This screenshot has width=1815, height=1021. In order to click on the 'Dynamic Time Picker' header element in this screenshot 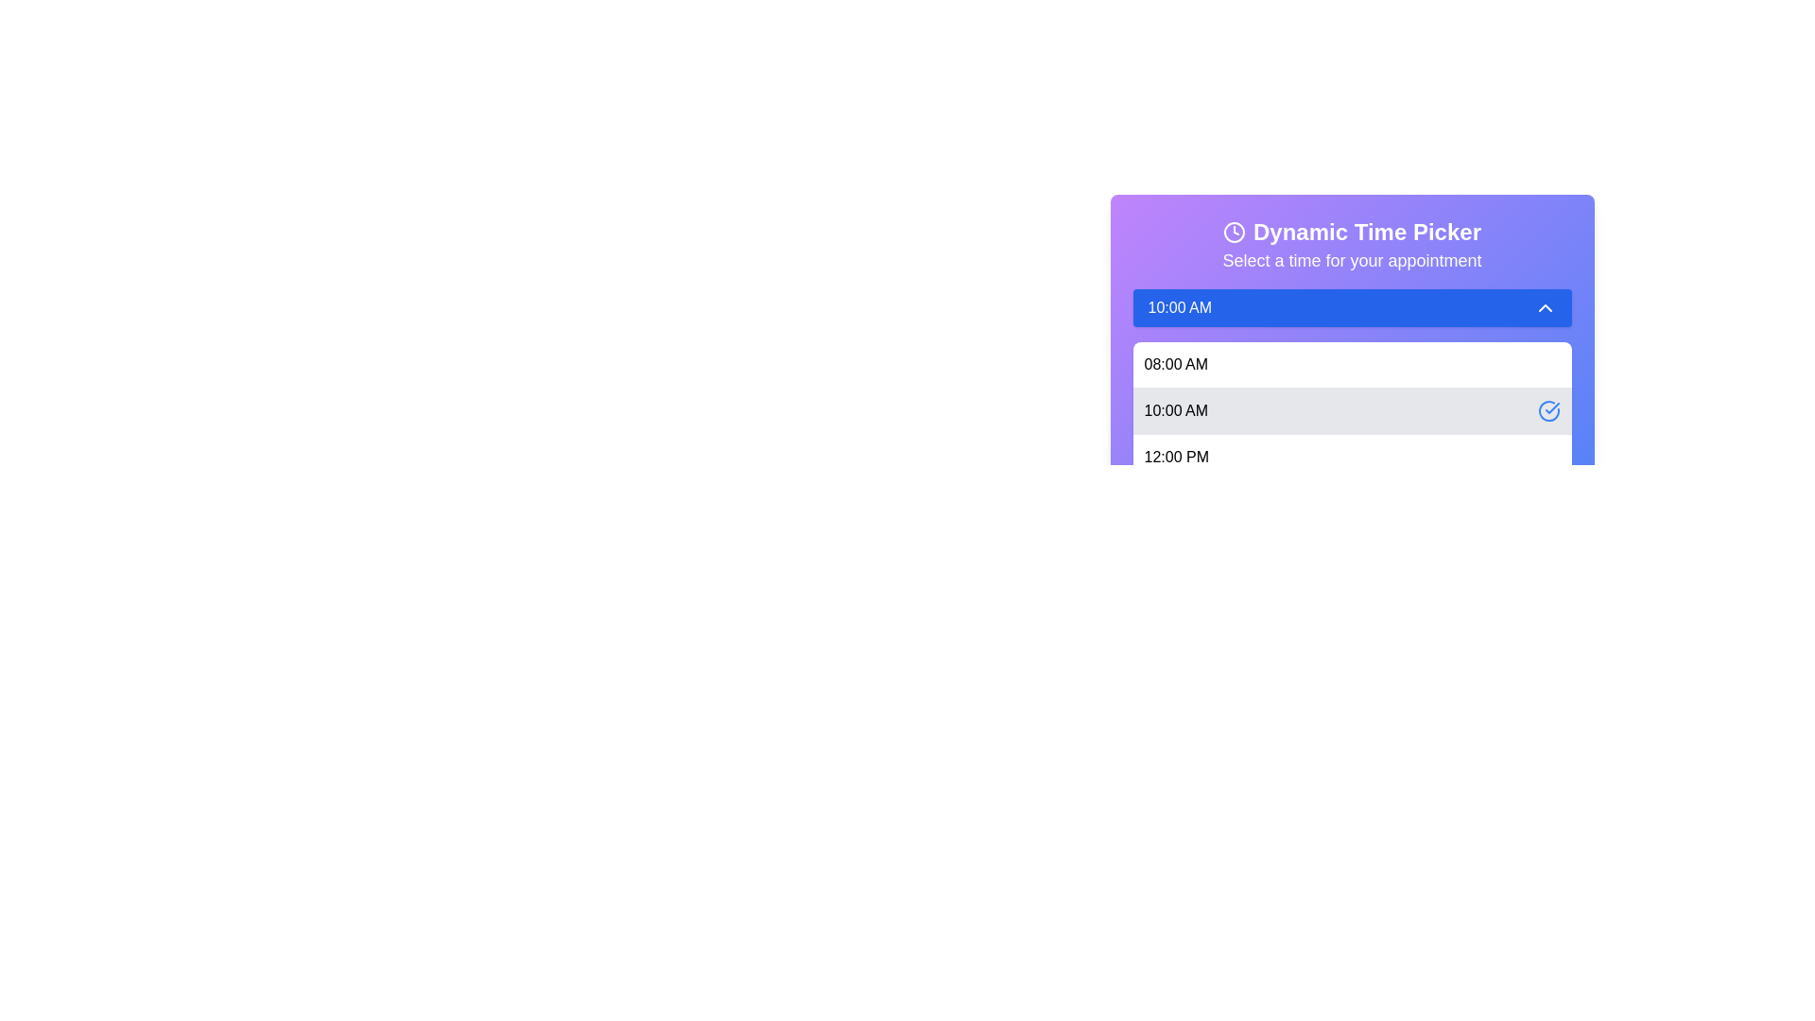, I will do `click(1367, 232)`.